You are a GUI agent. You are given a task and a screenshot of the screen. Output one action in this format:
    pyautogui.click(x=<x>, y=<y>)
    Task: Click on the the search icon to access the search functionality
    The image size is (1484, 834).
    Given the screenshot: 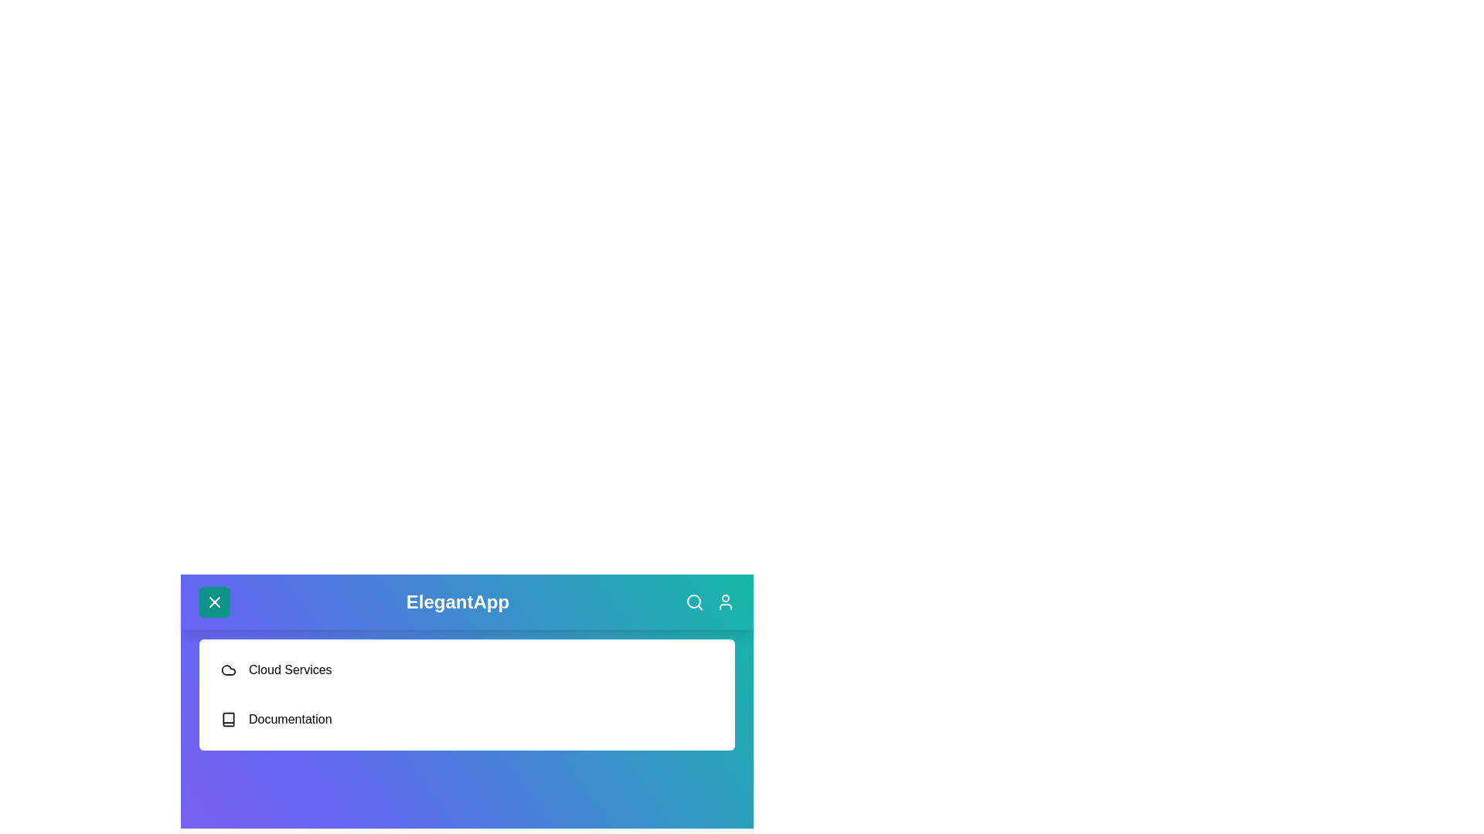 What is the action you would take?
    pyautogui.click(x=693, y=601)
    